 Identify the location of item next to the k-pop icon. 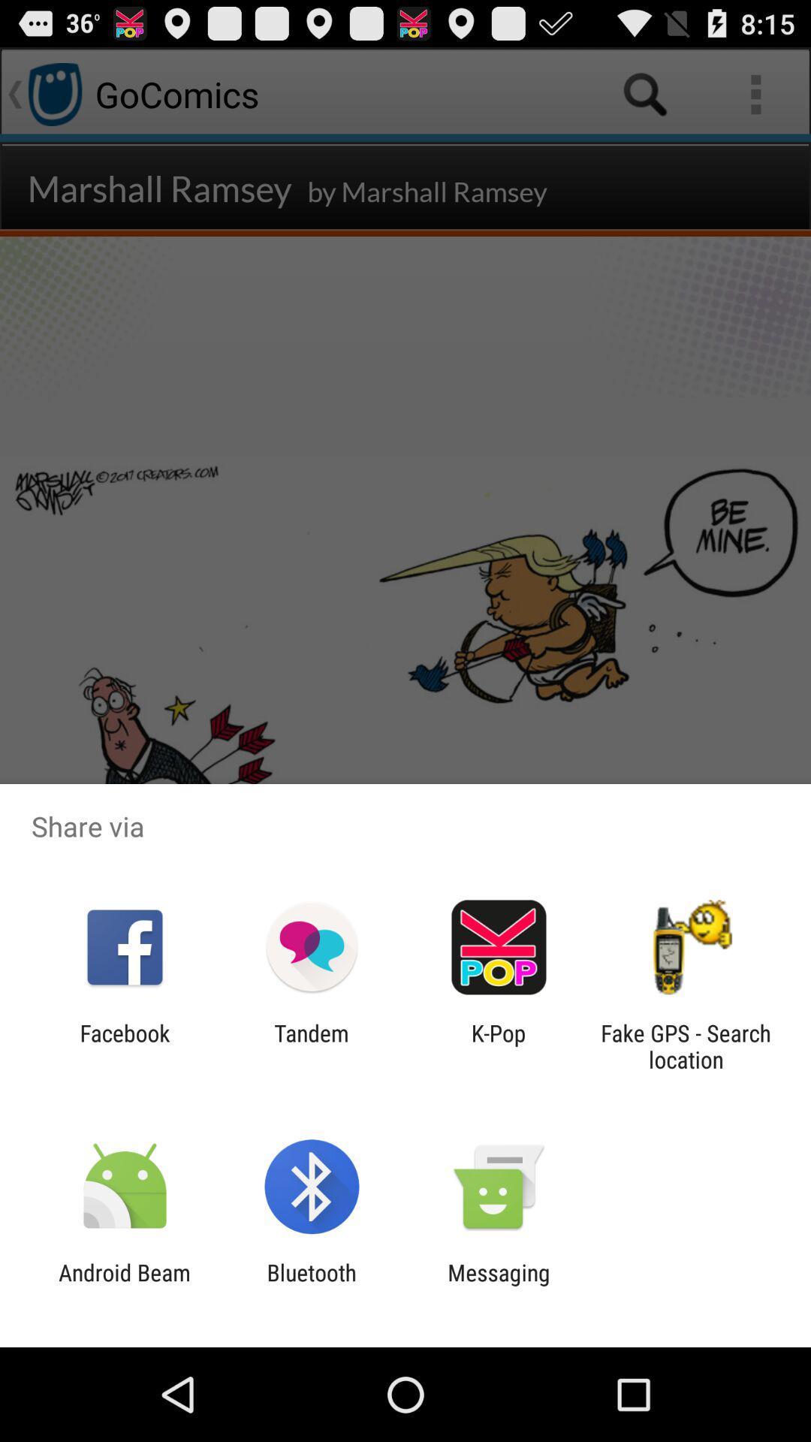
(311, 1045).